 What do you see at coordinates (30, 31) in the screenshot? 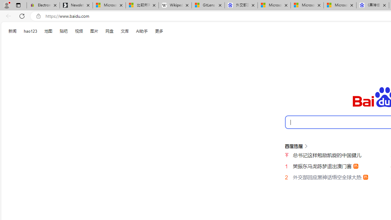
I see `'hao123'` at bounding box center [30, 31].